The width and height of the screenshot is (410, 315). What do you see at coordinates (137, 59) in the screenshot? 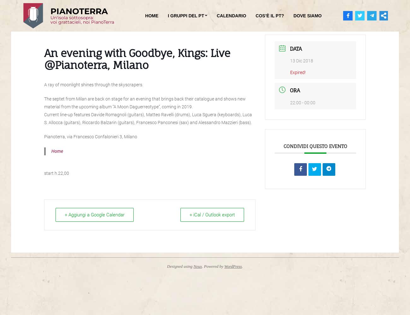
I see `'An evening with Goodbye, Kings: Live @Pianoterra, Milano'` at bounding box center [137, 59].